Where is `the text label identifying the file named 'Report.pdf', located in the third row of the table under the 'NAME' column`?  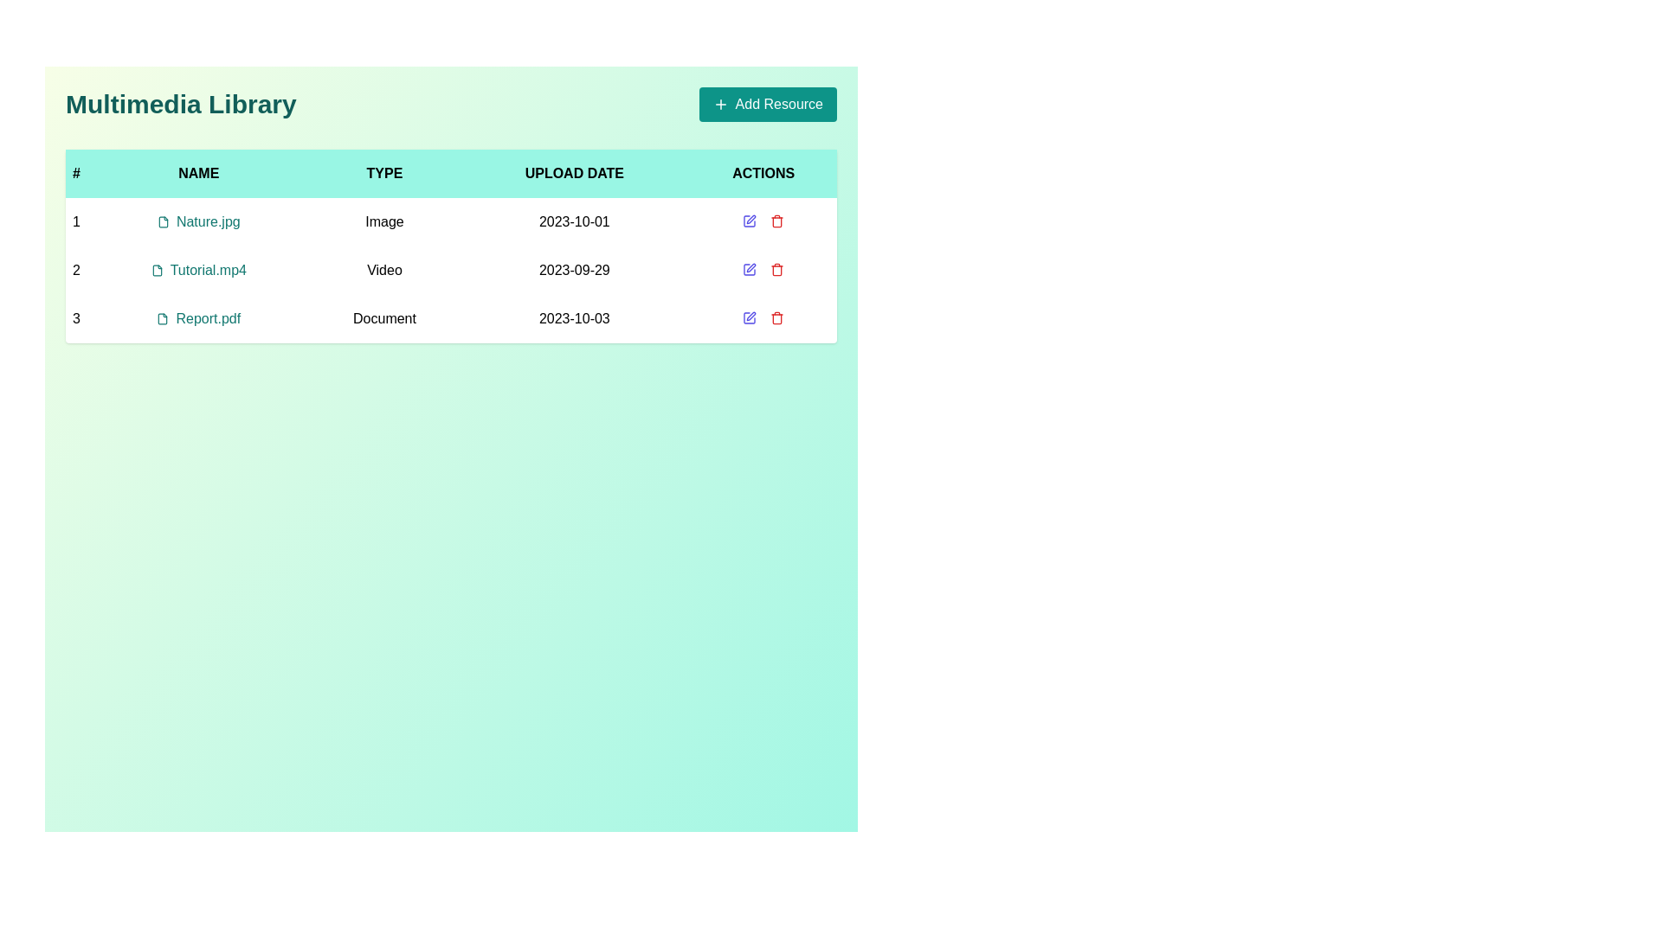
the text label identifying the file named 'Report.pdf', located in the third row of the table under the 'NAME' column is located at coordinates (198, 319).